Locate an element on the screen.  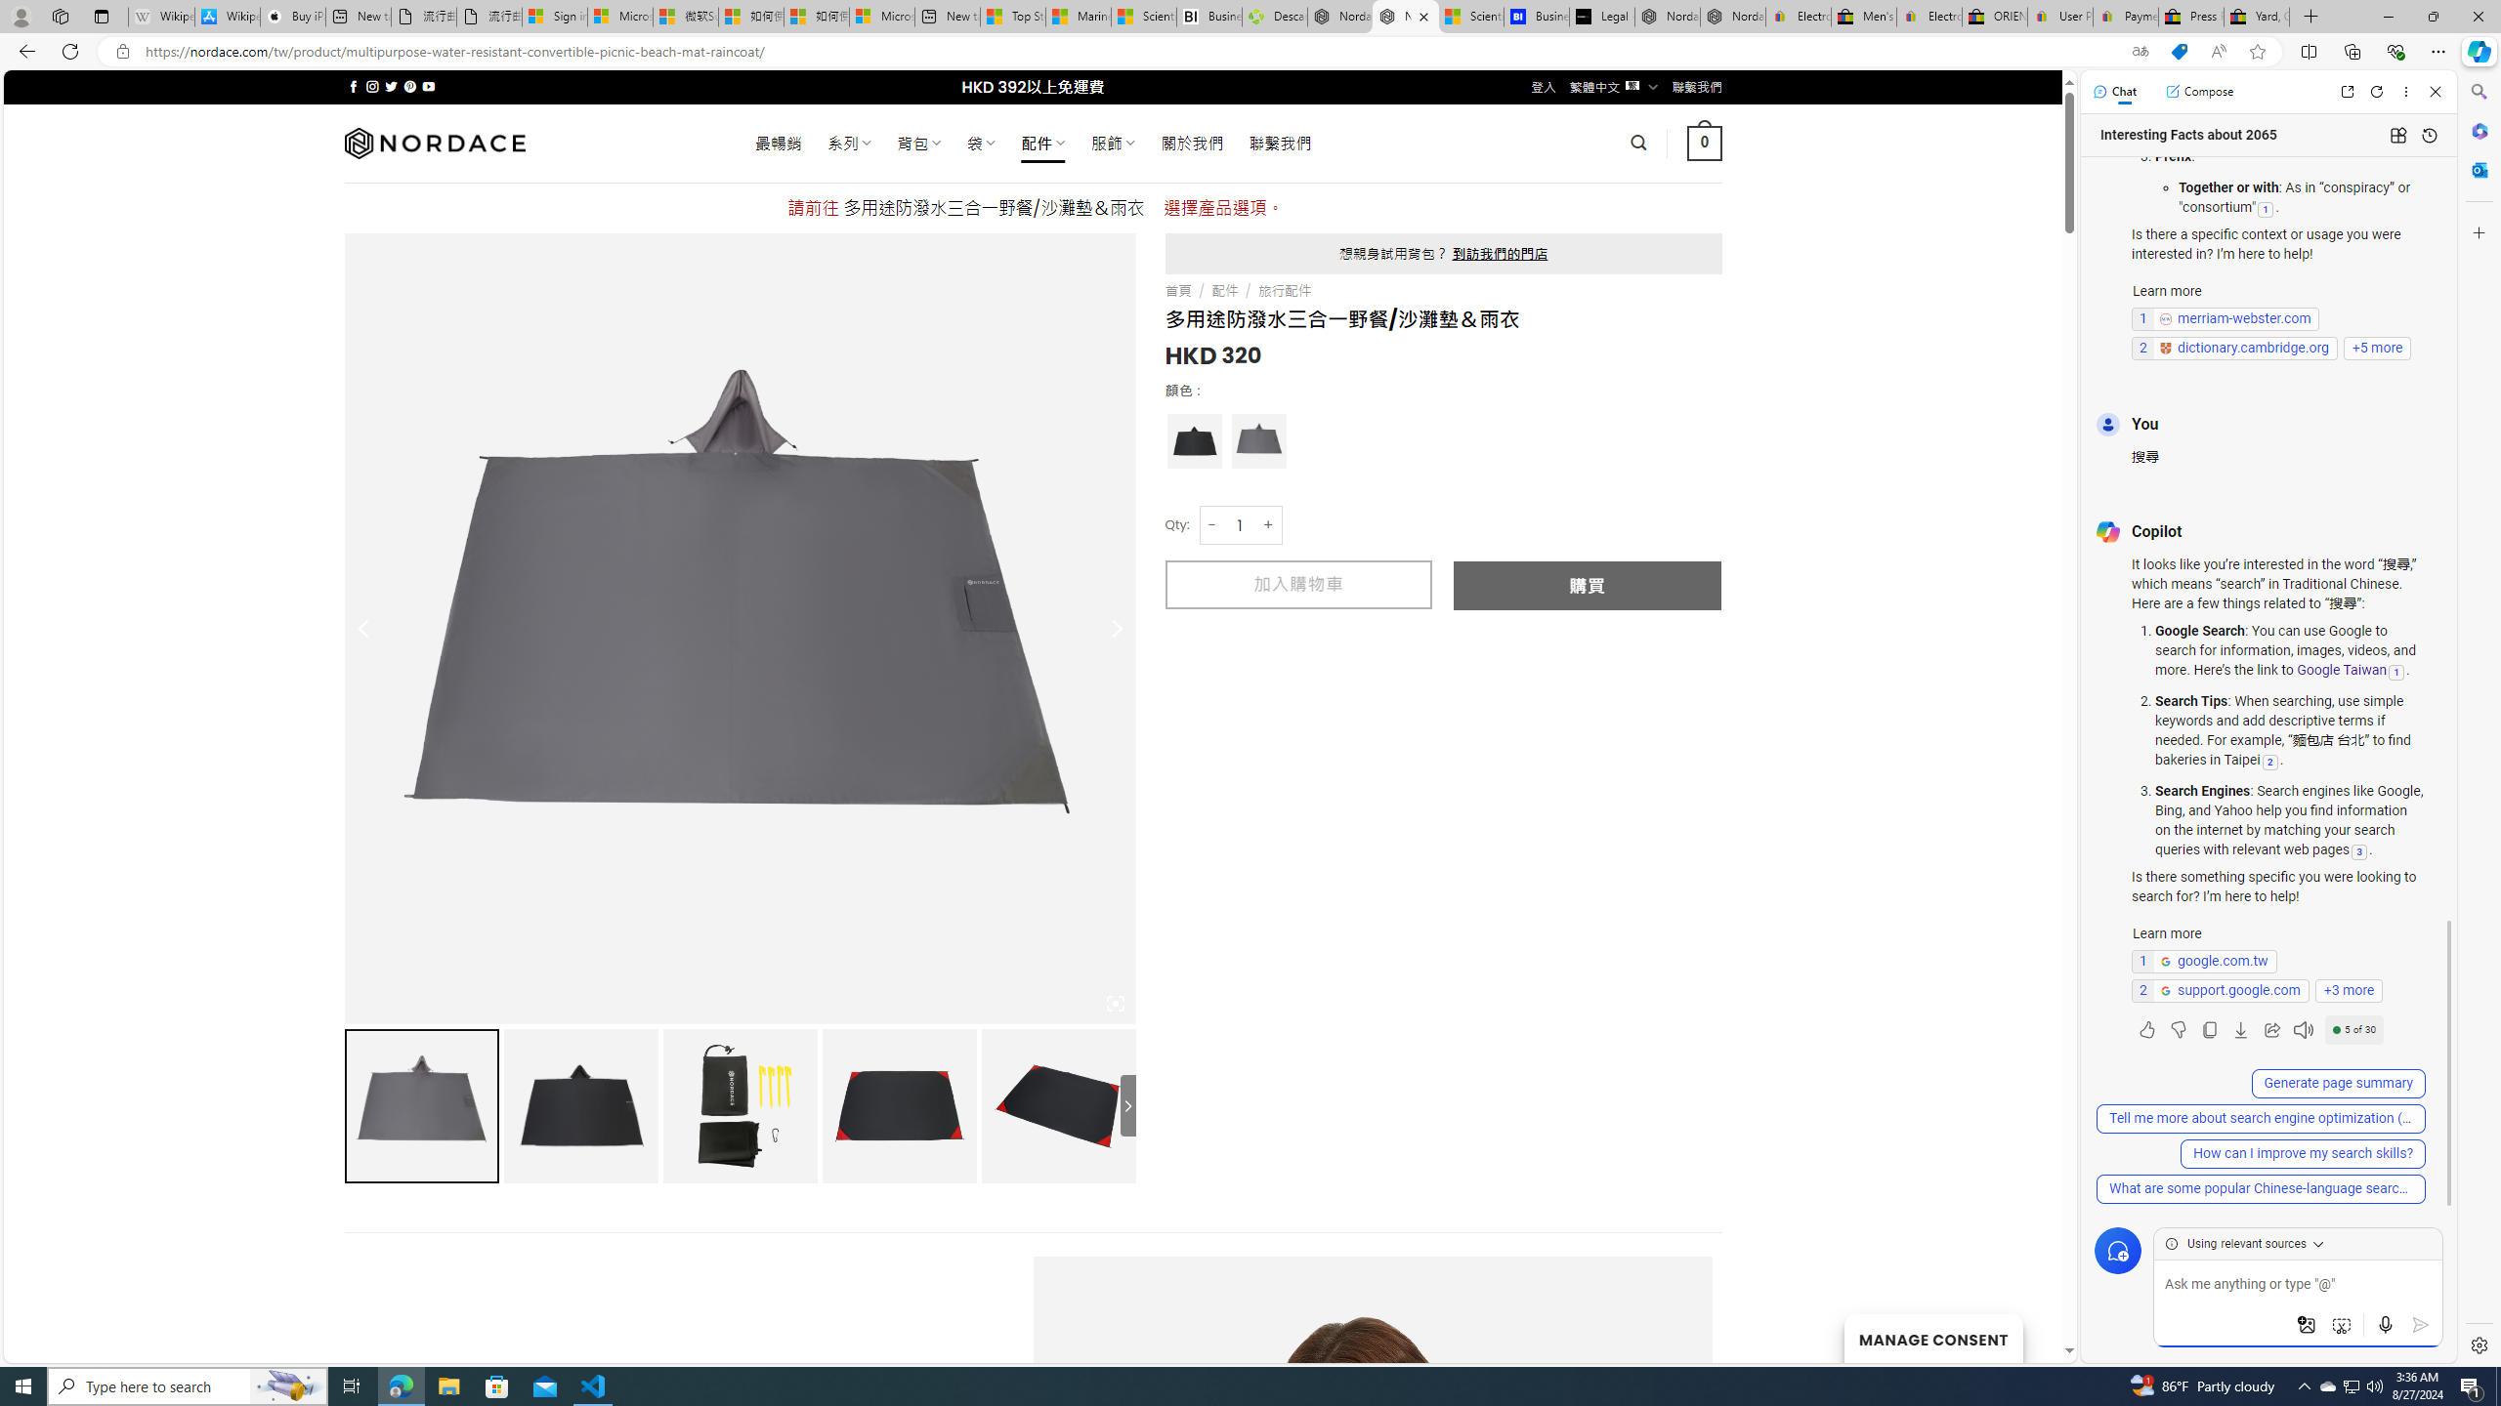
' 0 ' is located at coordinates (1704, 142).